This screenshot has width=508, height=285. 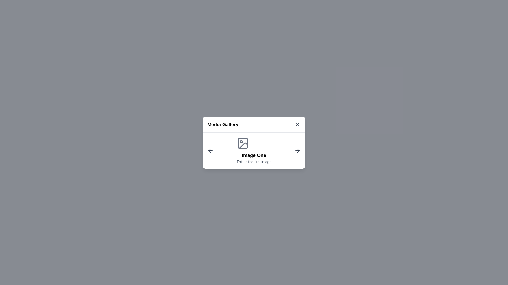 What do you see at coordinates (254, 161) in the screenshot?
I see `the text element displaying 'This is the first image', which is styled in smaller gray text and located below 'Image One' in the 'Media Gallery' dialog box` at bounding box center [254, 161].